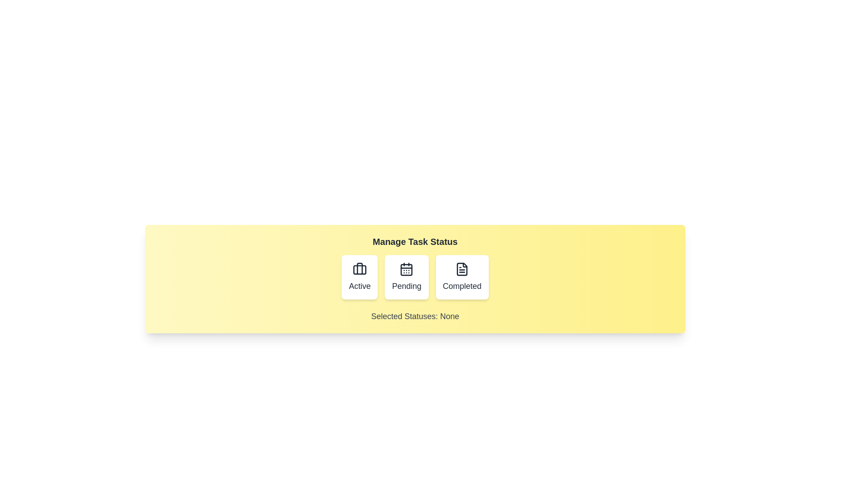  I want to click on the 'Completed' button to toggle its selection, so click(462, 277).